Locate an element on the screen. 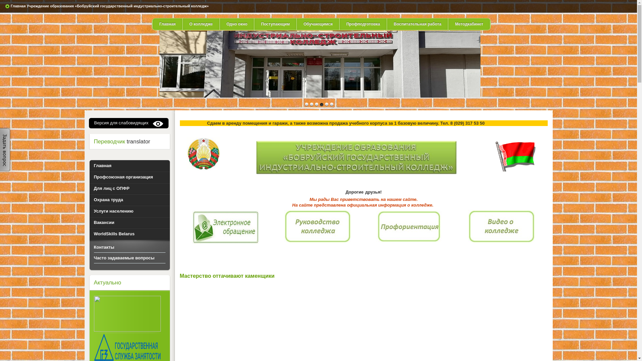 The image size is (642, 361). '3' is located at coordinates (321, 104).